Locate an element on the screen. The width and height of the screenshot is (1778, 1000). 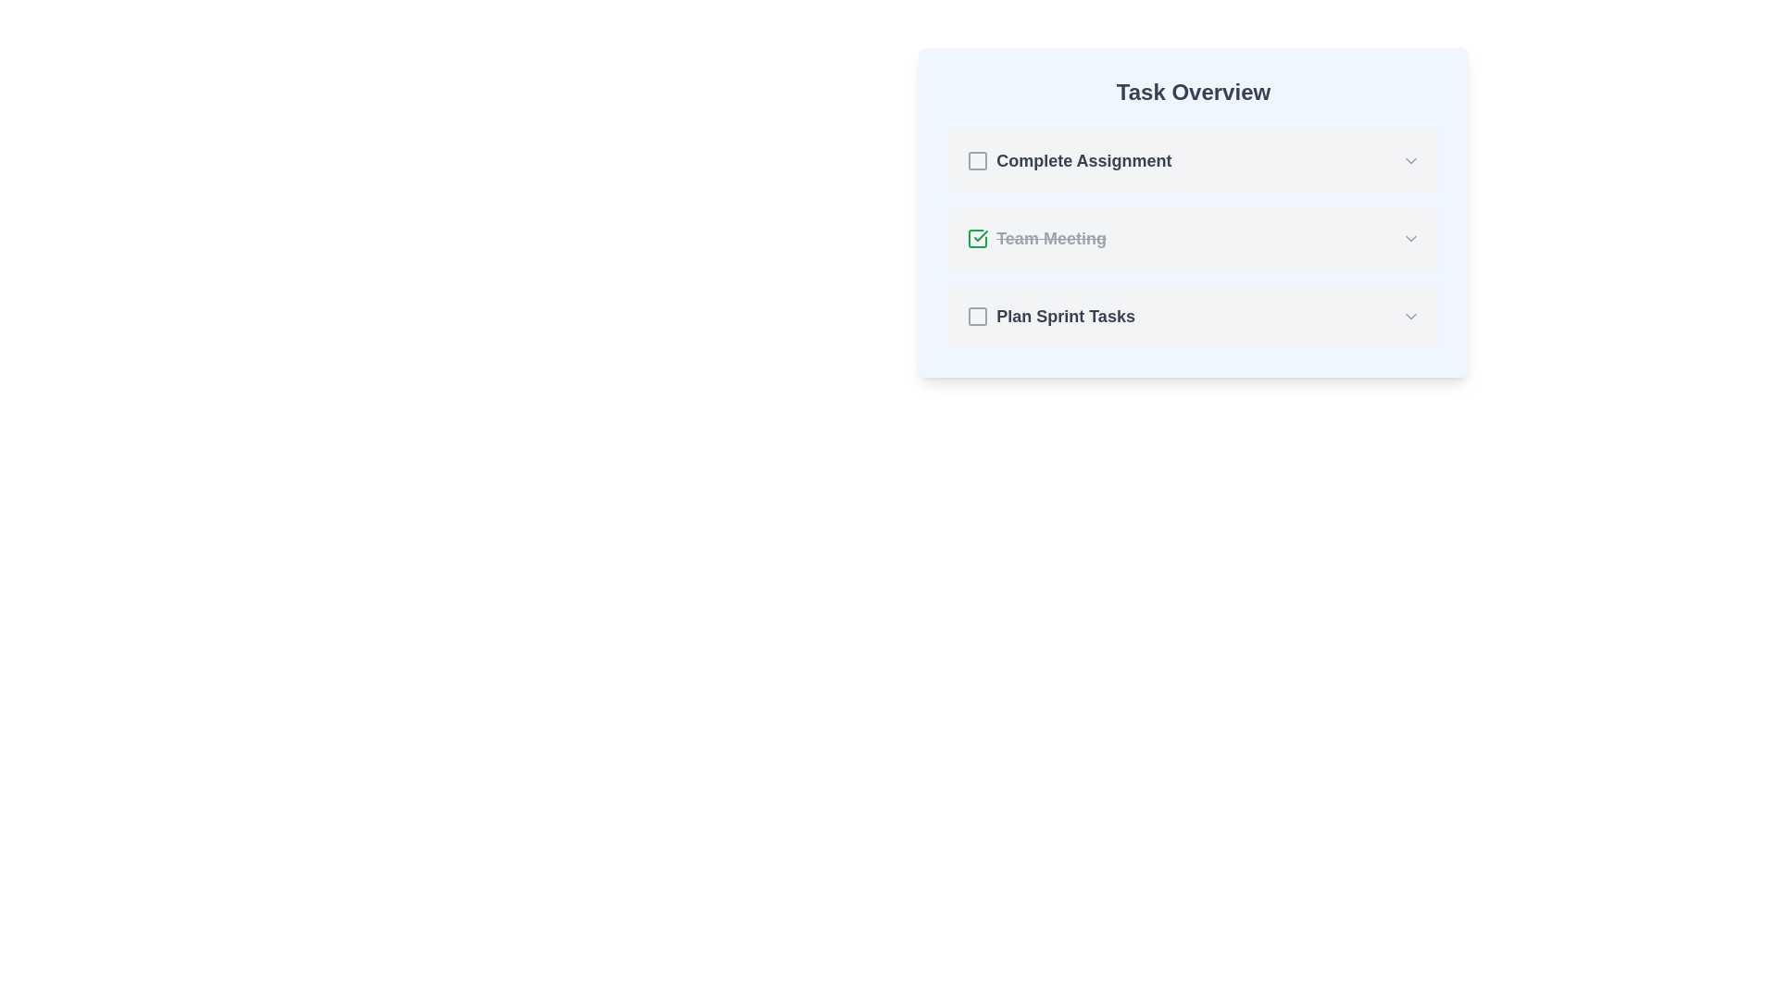
the square-shaped visual indicator or checkbox indicating the completion status of the task 'Complete Assignment' in the 'Task Overview' panel is located at coordinates (977, 159).